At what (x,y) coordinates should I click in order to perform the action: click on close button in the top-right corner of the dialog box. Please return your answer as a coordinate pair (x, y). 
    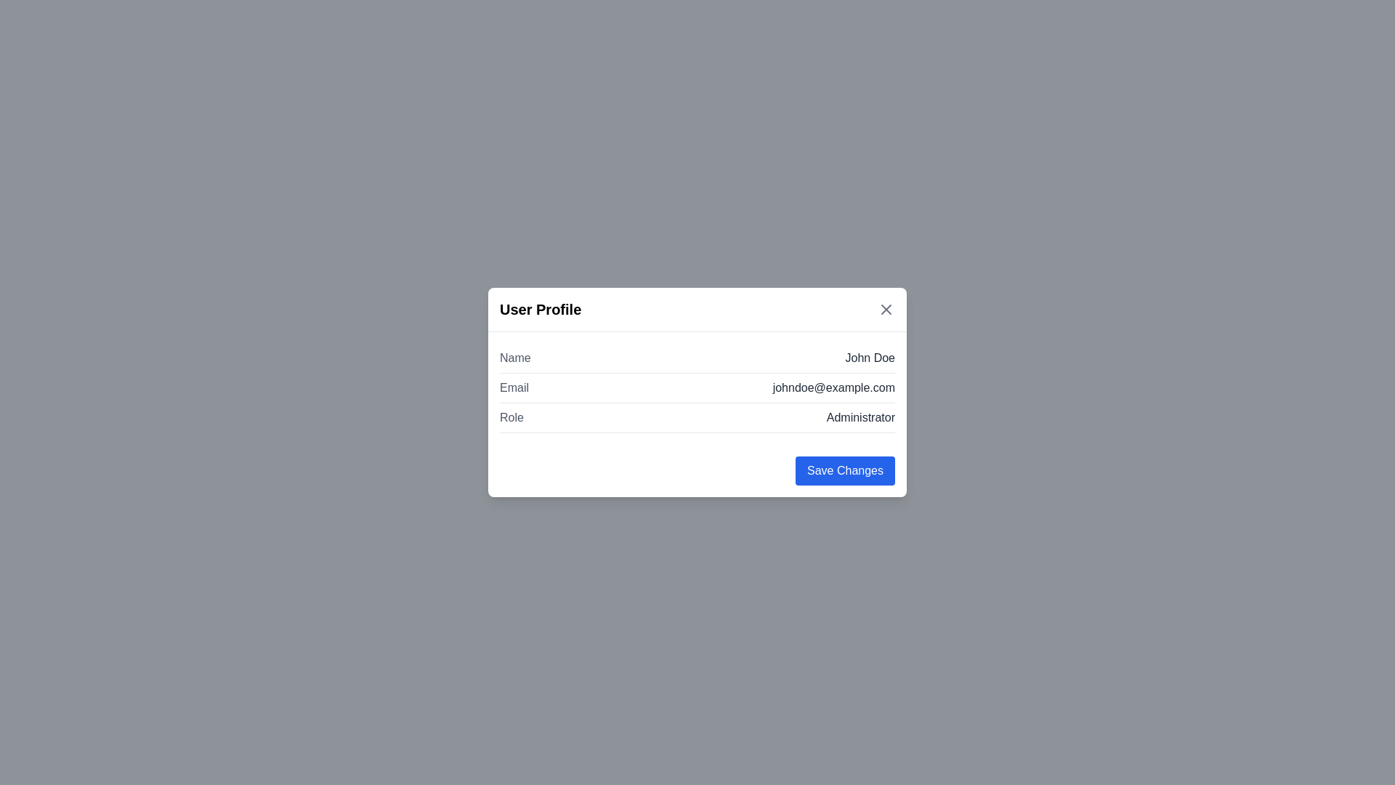
    Looking at the image, I should click on (885, 308).